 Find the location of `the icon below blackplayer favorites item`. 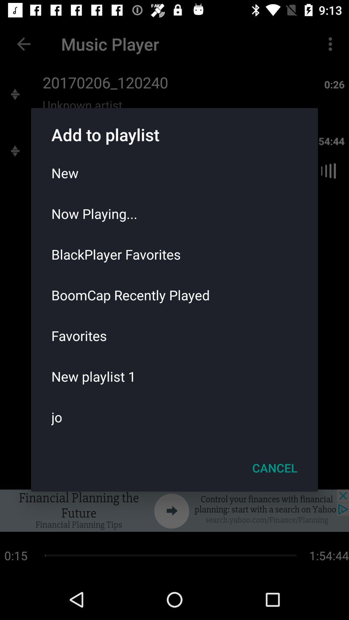

the icon below blackplayer favorites item is located at coordinates (174, 294).